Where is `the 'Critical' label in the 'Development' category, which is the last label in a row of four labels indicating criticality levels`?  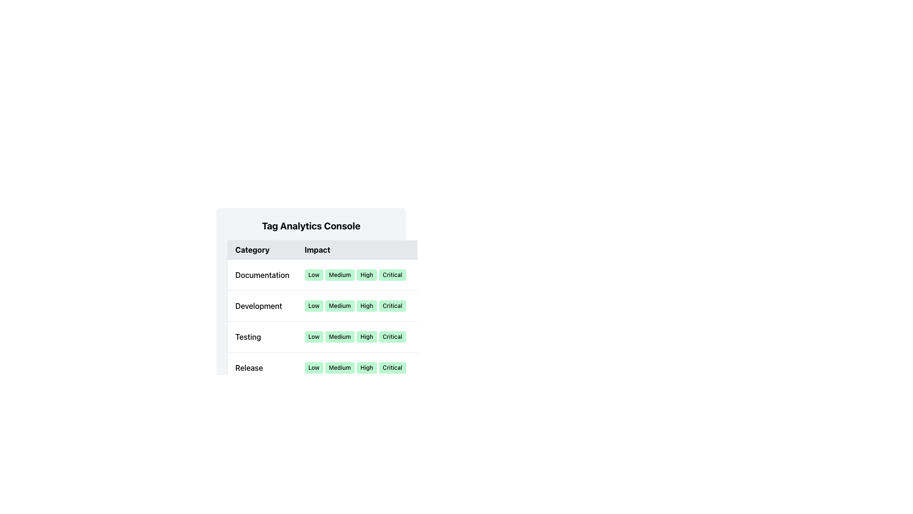
the 'Critical' label in the 'Development' category, which is the last label in a row of four labels indicating criticality levels is located at coordinates (392, 306).